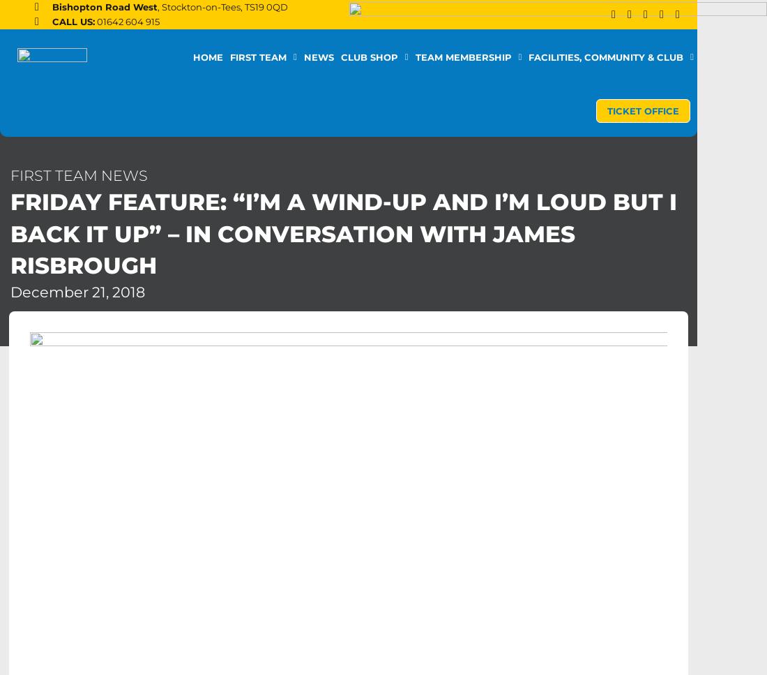 This screenshot has height=675, width=767. What do you see at coordinates (605, 57) in the screenshot?
I see `'Facilities, Community & Club'` at bounding box center [605, 57].